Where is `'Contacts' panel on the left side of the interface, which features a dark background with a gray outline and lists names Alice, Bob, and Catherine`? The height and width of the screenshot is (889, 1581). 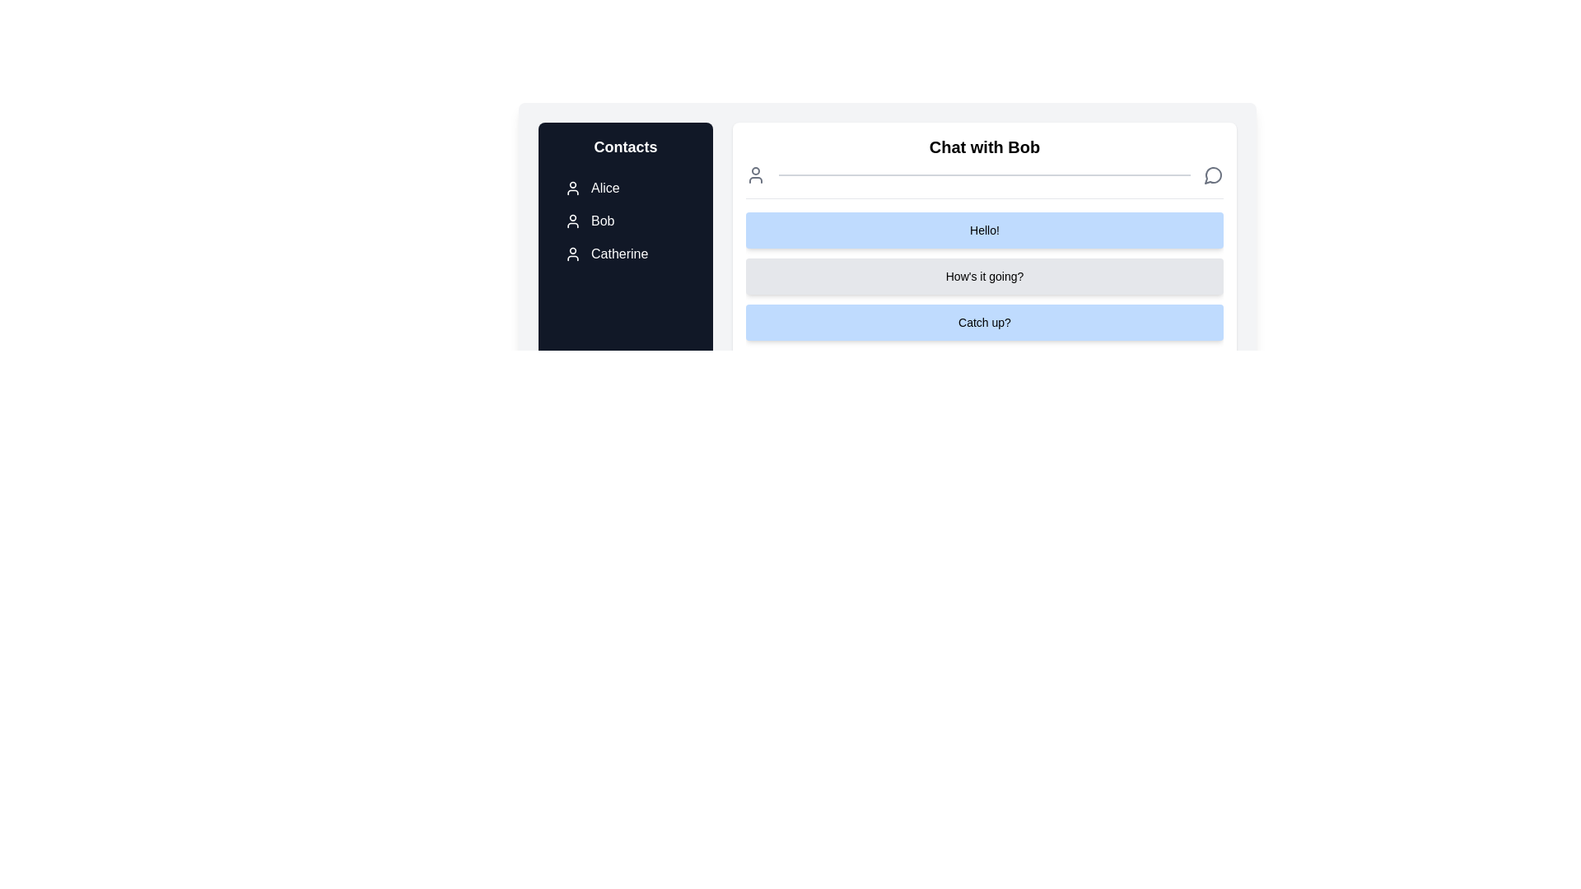
'Contacts' panel on the left side of the interface, which features a dark background with a gray outline and lists names Alice, Bob, and Catherine is located at coordinates (624, 275).